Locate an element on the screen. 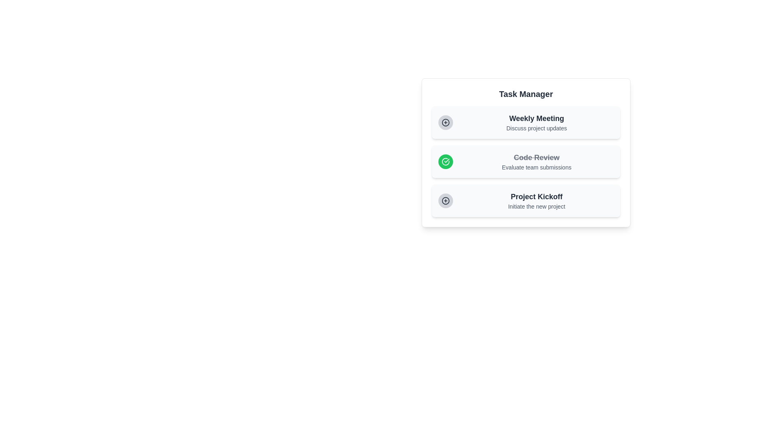  the interactive button located in the top-left corner of the 'Project Kickoff' card is located at coordinates (445, 201).